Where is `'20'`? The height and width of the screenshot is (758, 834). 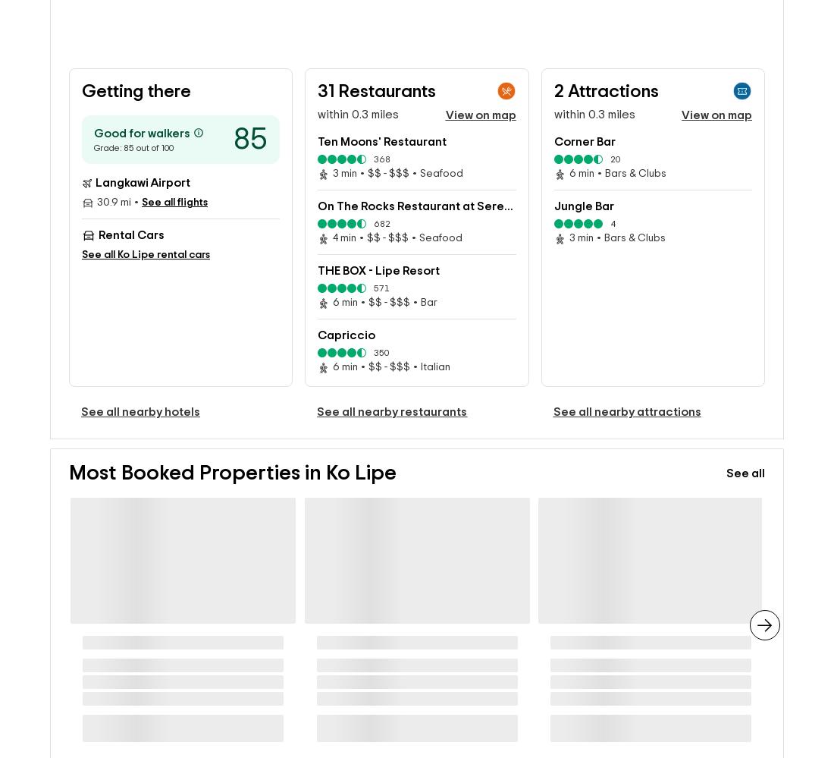 '20' is located at coordinates (614, 134).